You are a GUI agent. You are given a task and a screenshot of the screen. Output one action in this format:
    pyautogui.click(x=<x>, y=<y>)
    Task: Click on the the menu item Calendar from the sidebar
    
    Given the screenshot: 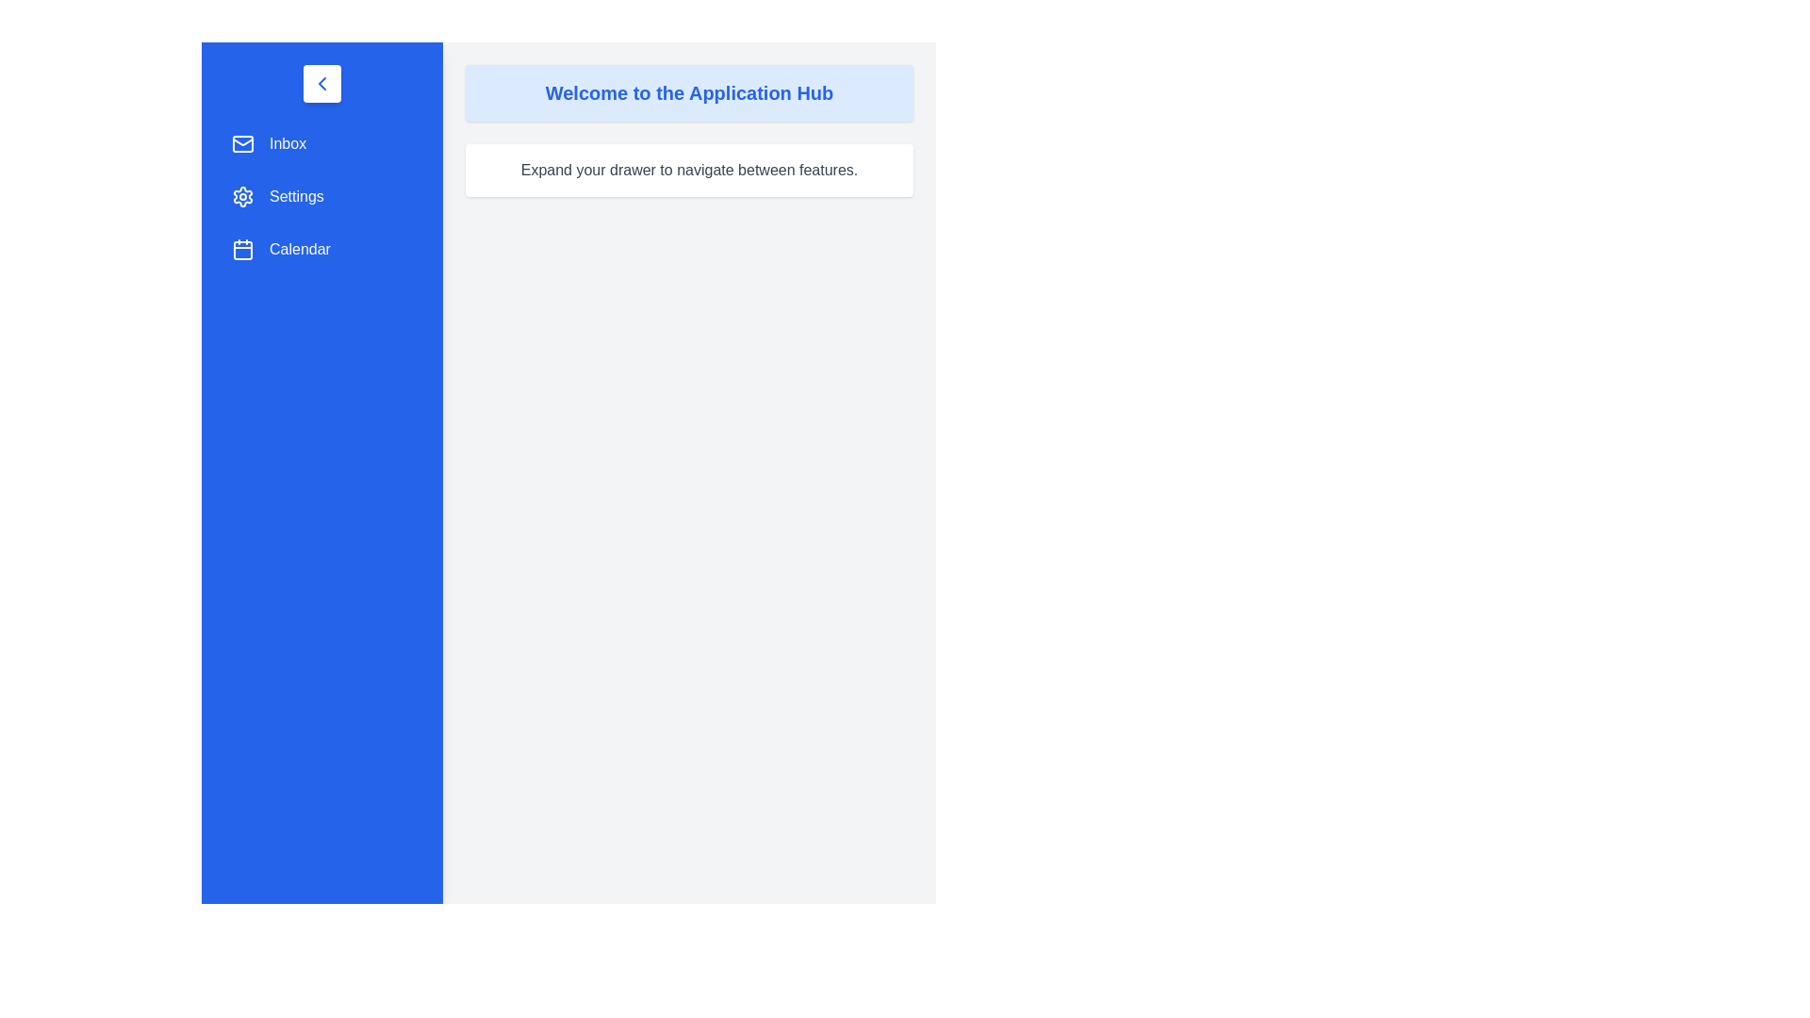 What is the action you would take?
    pyautogui.click(x=321, y=249)
    